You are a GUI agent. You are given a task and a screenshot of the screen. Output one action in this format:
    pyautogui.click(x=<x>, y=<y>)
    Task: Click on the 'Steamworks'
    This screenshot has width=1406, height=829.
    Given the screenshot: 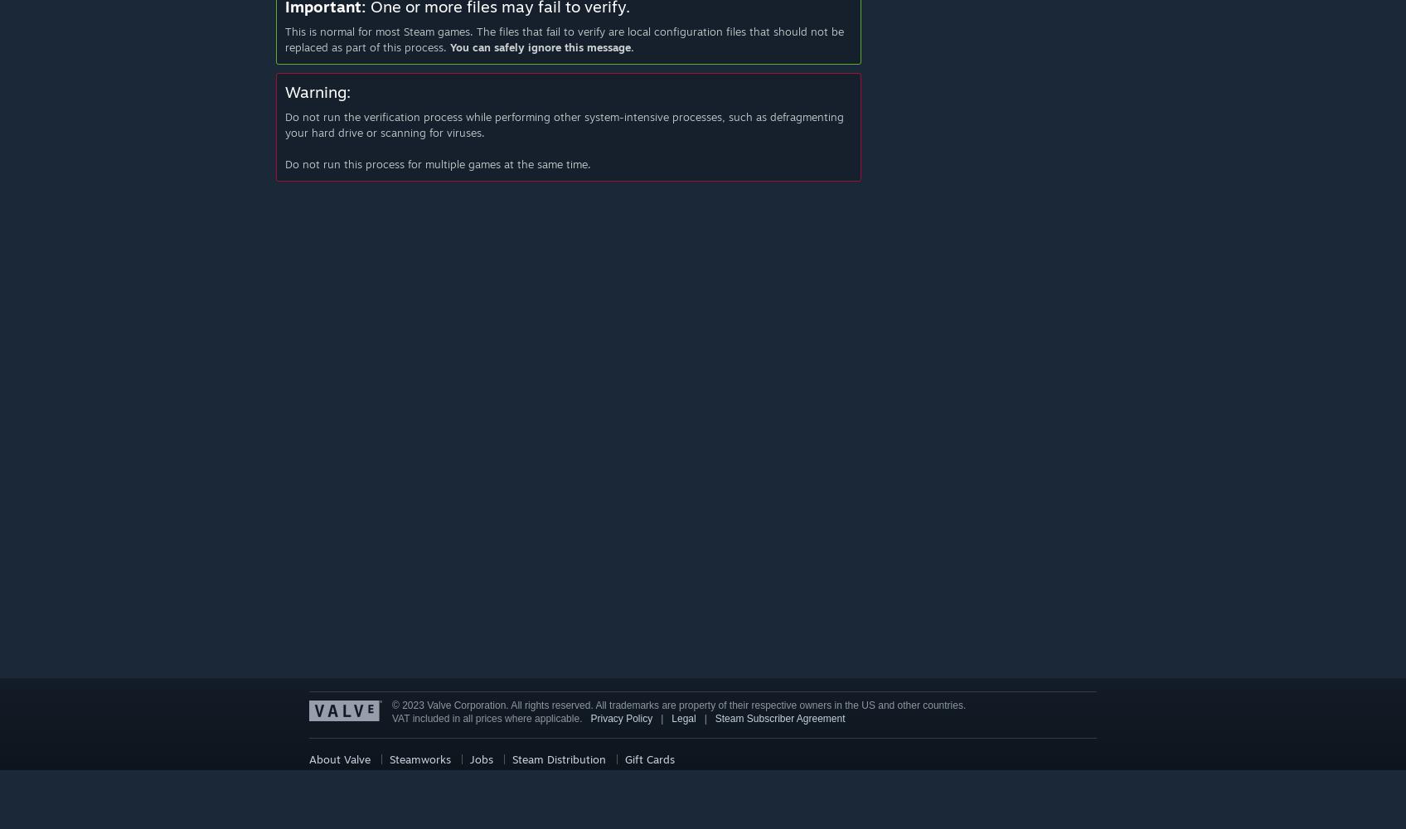 What is the action you would take?
    pyautogui.click(x=419, y=759)
    